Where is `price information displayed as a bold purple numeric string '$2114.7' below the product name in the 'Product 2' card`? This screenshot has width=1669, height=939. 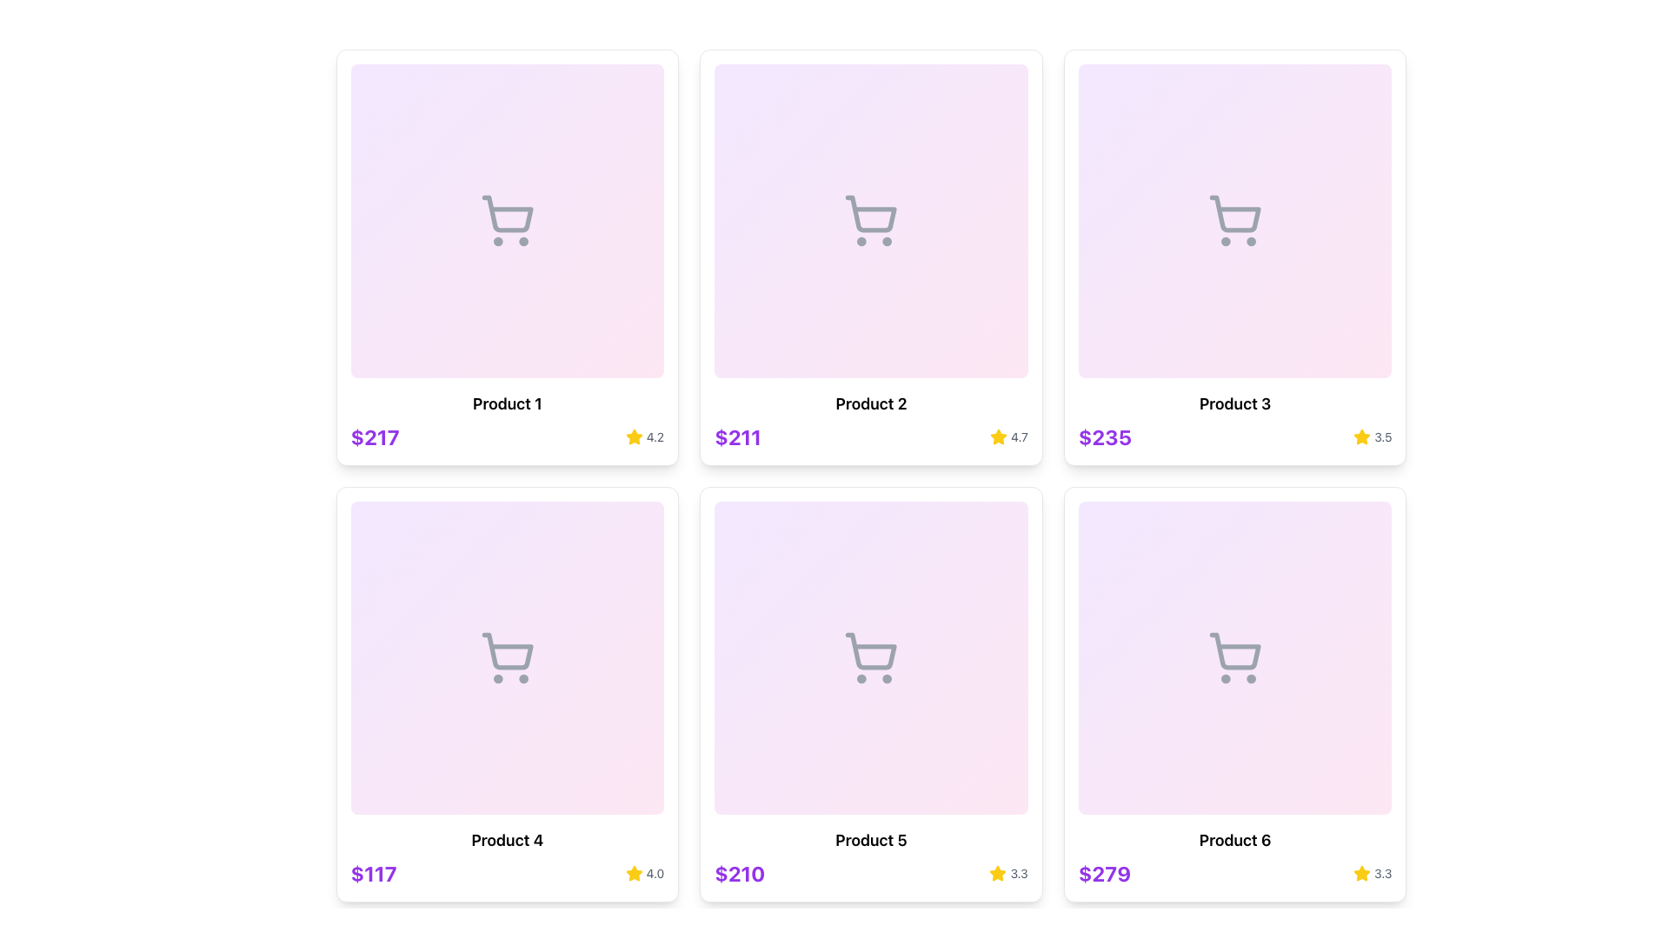
price information displayed as a bold purple numeric string '$2114.7' below the product name in the 'Product 2' card is located at coordinates (871, 436).